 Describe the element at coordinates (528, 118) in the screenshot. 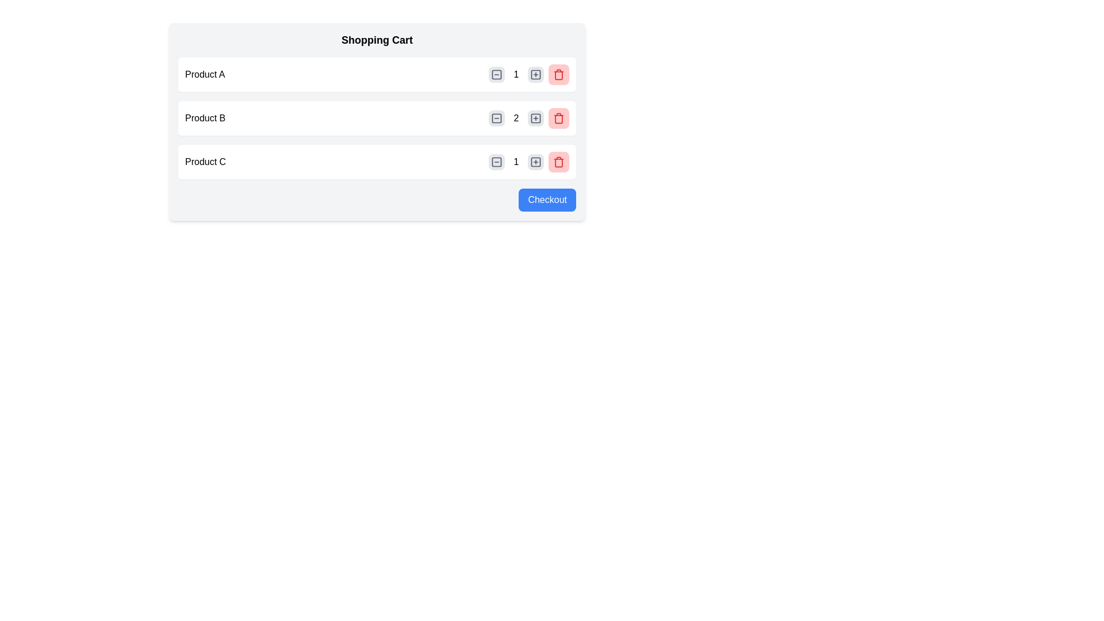

I see `the static text label displaying the quantity of 'Product B' in the shopping cart, which is centrally positioned between the decrement button and the increment button` at that location.